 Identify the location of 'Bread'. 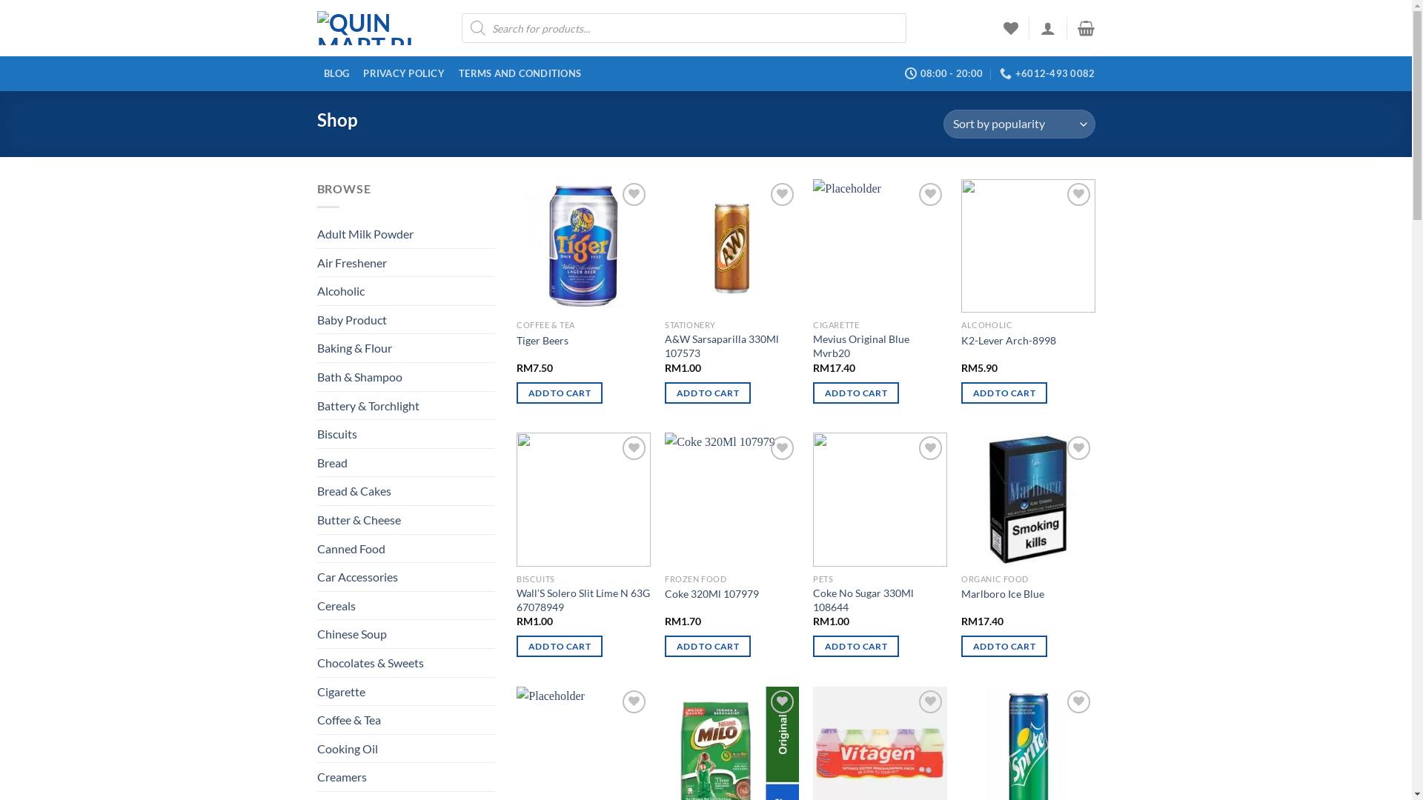
(405, 461).